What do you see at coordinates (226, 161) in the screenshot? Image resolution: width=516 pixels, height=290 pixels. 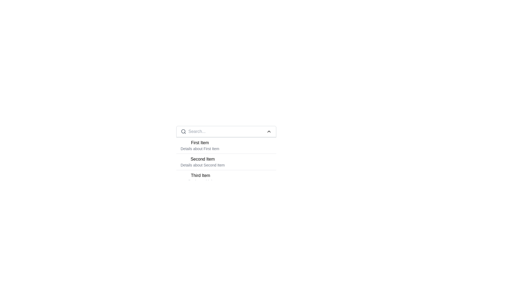 I see `the second item in the list that represents 'Second Item', which is positioned between 'First Item' and 'Third Item'` at bounding box center [226, 161].